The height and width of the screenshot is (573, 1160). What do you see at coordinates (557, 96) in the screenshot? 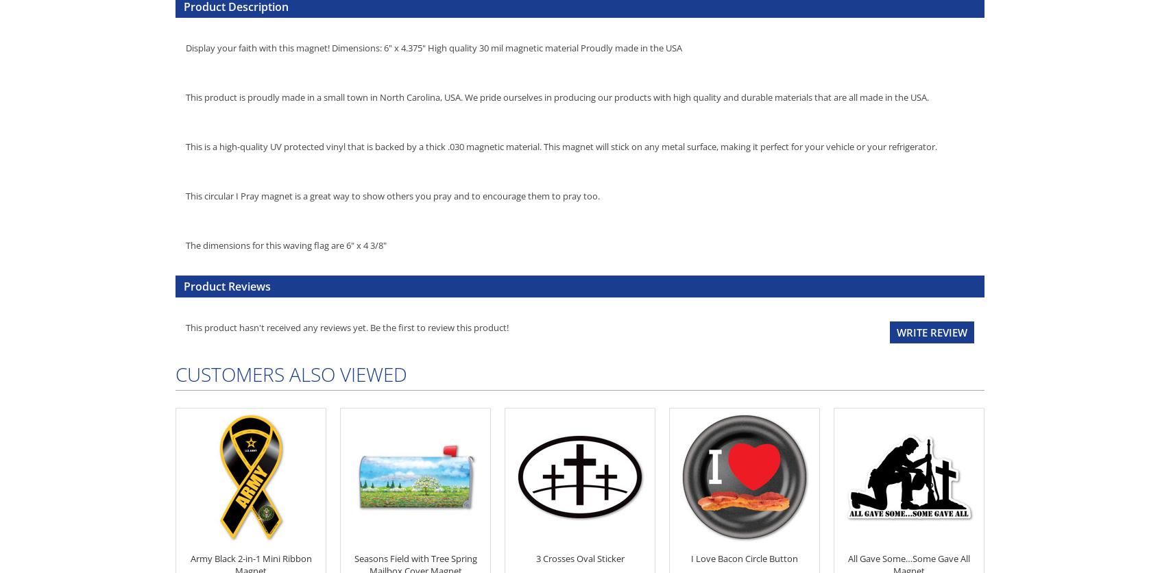
I see `'This product is proudly made in a small town in North Carolina, USA. We pride ourselves in producing our products with high quality and durable materials that are all made in the USA.'` at bounding box center [557, 96].